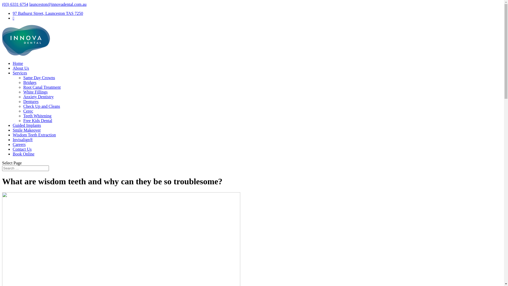  What do you see at coordinates (34, 135) in the screenshot?
I see `'Wisdom Teeth Extraction'` at bounding box center [34, 135].